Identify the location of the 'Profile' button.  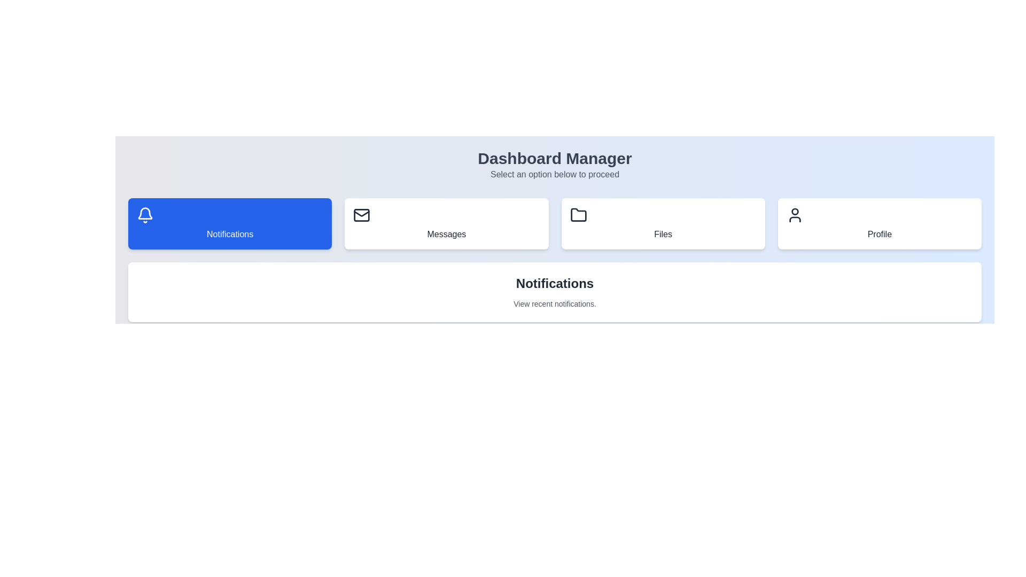
(880, 223).